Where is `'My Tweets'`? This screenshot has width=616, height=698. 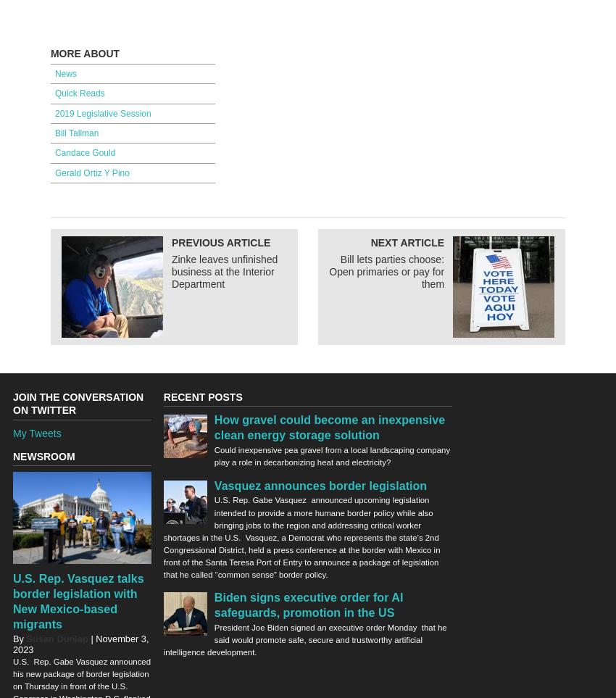 'My Tweets' is located at coordinates (37, 432).